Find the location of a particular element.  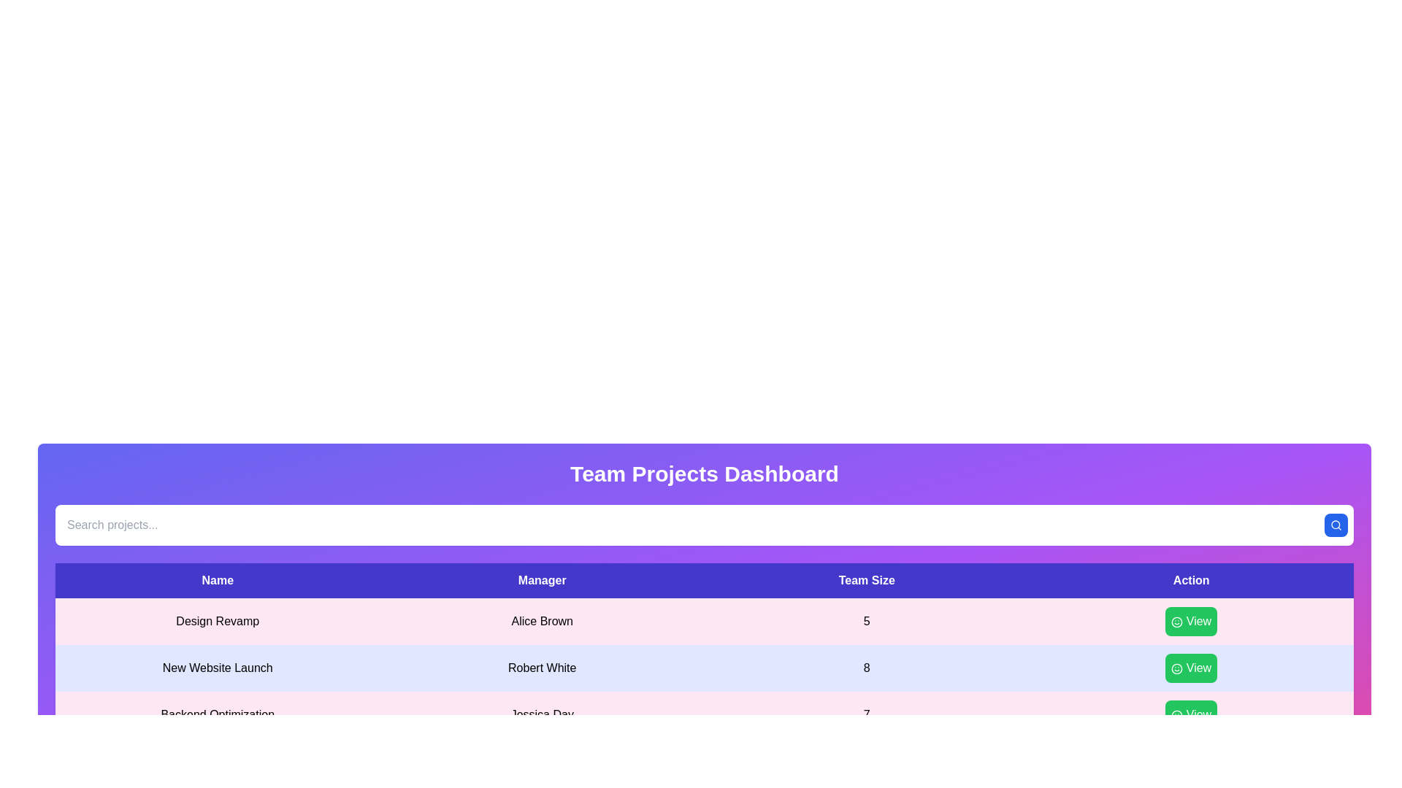

the text label 'Alice Brown' in the Manager column of the 'Design Revamp' project row, which has a light pink background is located at coordinates (541, 622).